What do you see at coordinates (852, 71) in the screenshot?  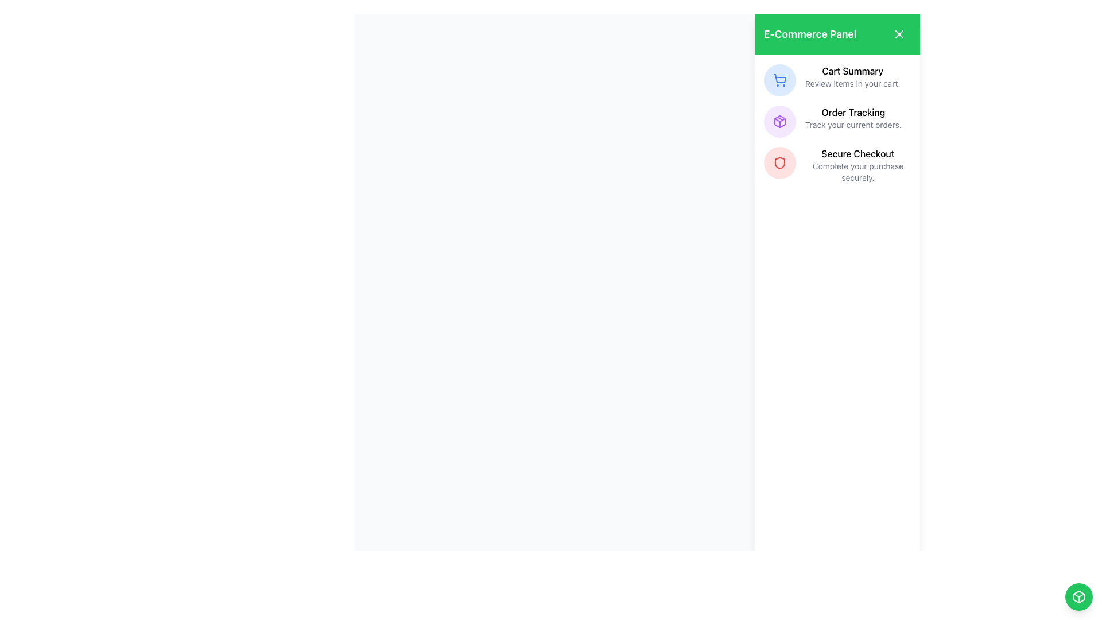 I see `bold textual label 'Cart Summary' which is prominently displayed at the top of the cart-related information section under the green header 'E-Commerce Panel'` at bounding box center [852, 71].